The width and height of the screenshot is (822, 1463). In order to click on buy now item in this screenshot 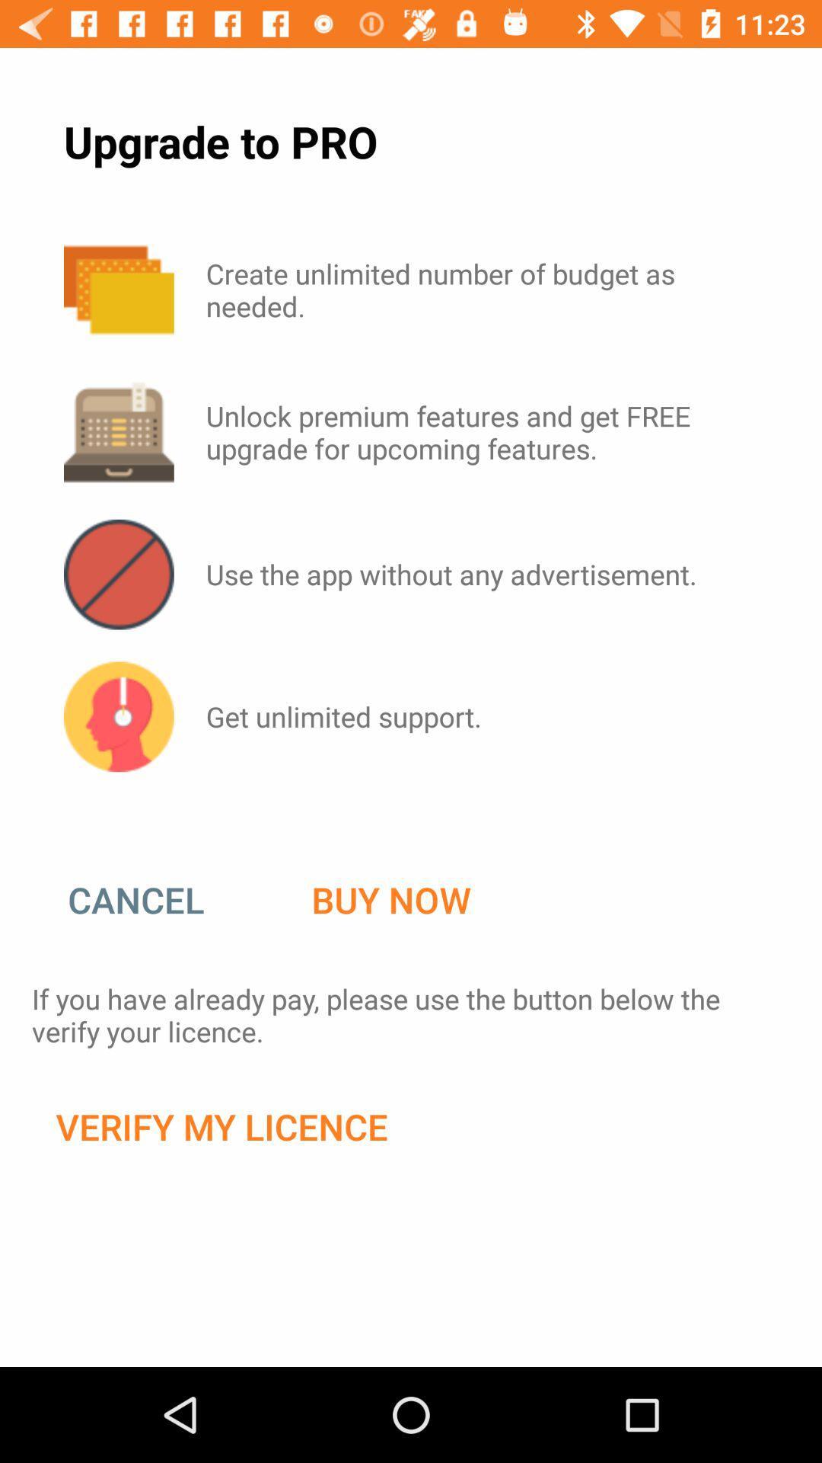, I will do `click(390, 900)`.